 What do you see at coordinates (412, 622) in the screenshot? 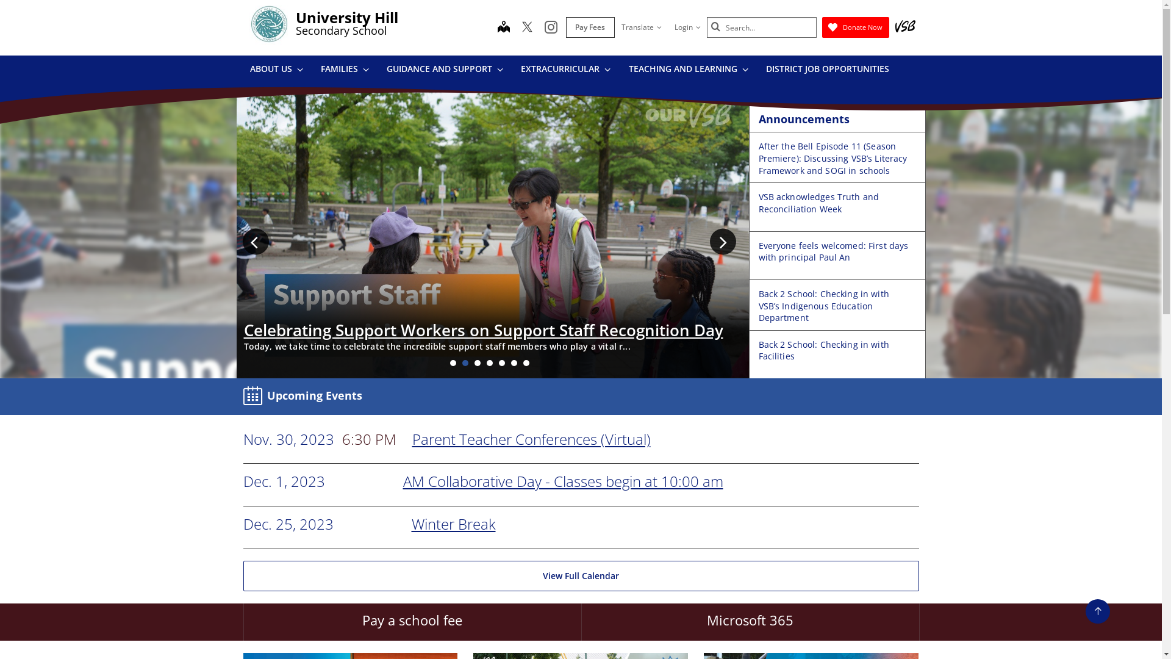
I see `'Pay a school fee'` at bounding box center [412, 622].